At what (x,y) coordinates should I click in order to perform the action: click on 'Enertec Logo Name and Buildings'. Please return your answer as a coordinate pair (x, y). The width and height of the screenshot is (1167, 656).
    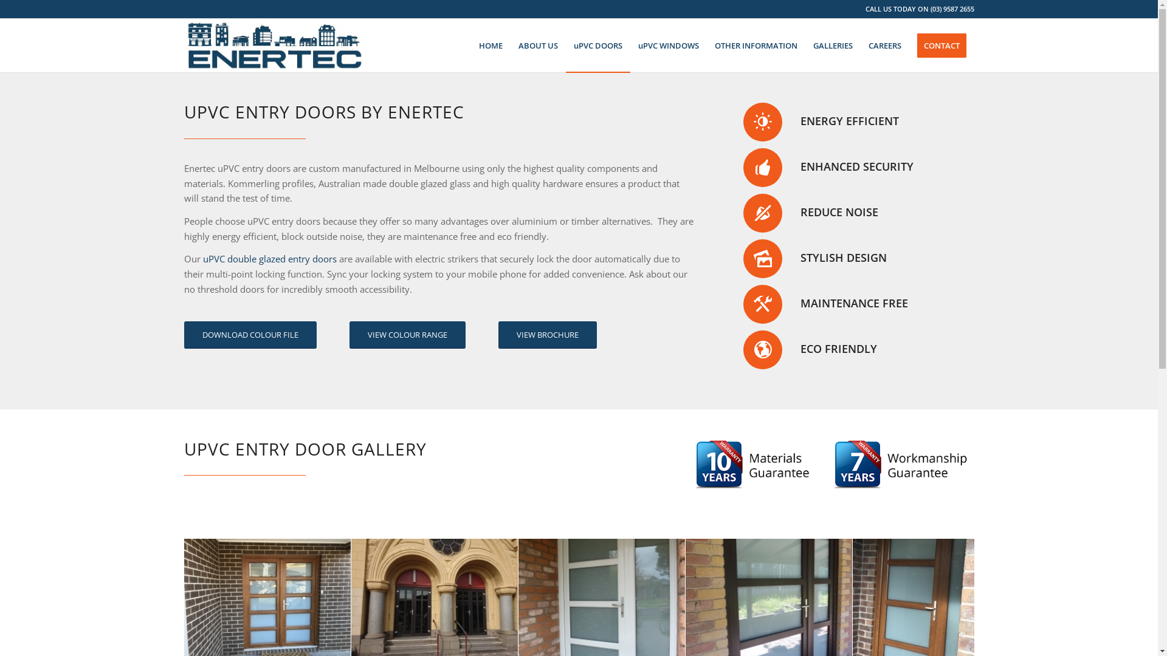
    Looking at the image, I should click on (274, 44).